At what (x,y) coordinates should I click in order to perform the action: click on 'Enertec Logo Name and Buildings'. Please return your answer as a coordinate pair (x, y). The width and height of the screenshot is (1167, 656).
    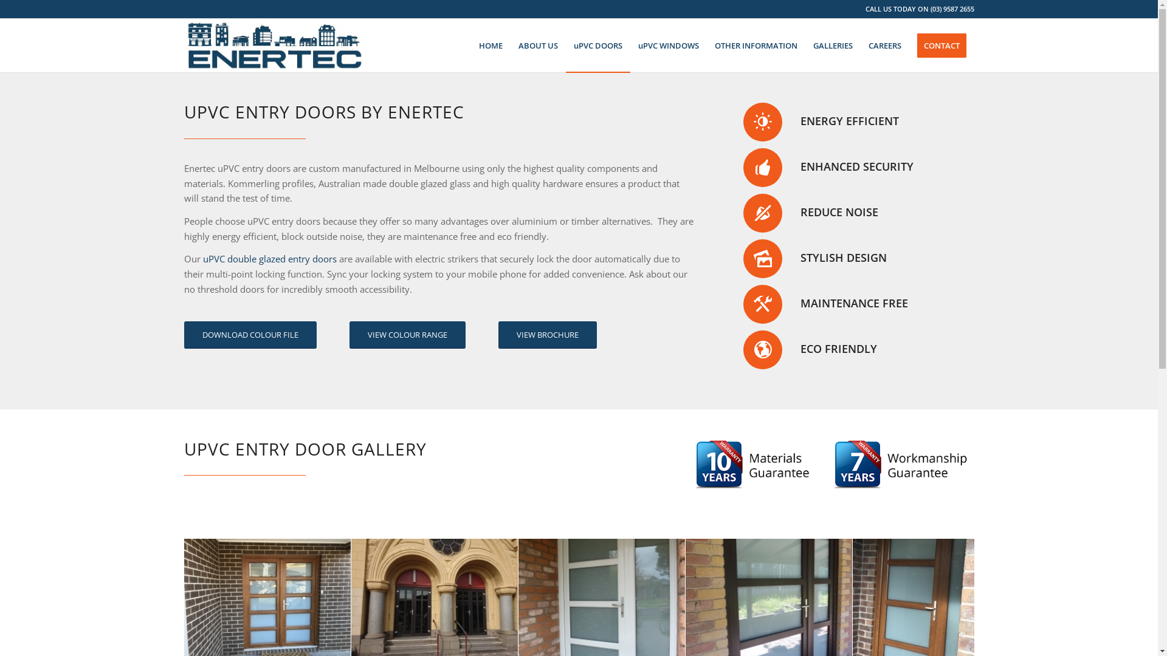
    Looking at the image, I should click on (274, 44).